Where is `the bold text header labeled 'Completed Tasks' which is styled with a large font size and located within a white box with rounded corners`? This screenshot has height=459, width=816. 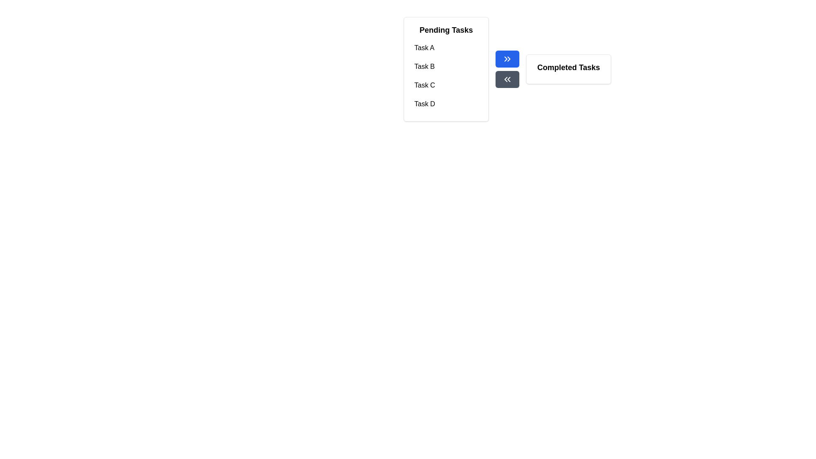
the bold text header labeled 'Completed Tasks' which is styled with a large font size and located within a white box with rounded corners is located at coordinates (569, 67).